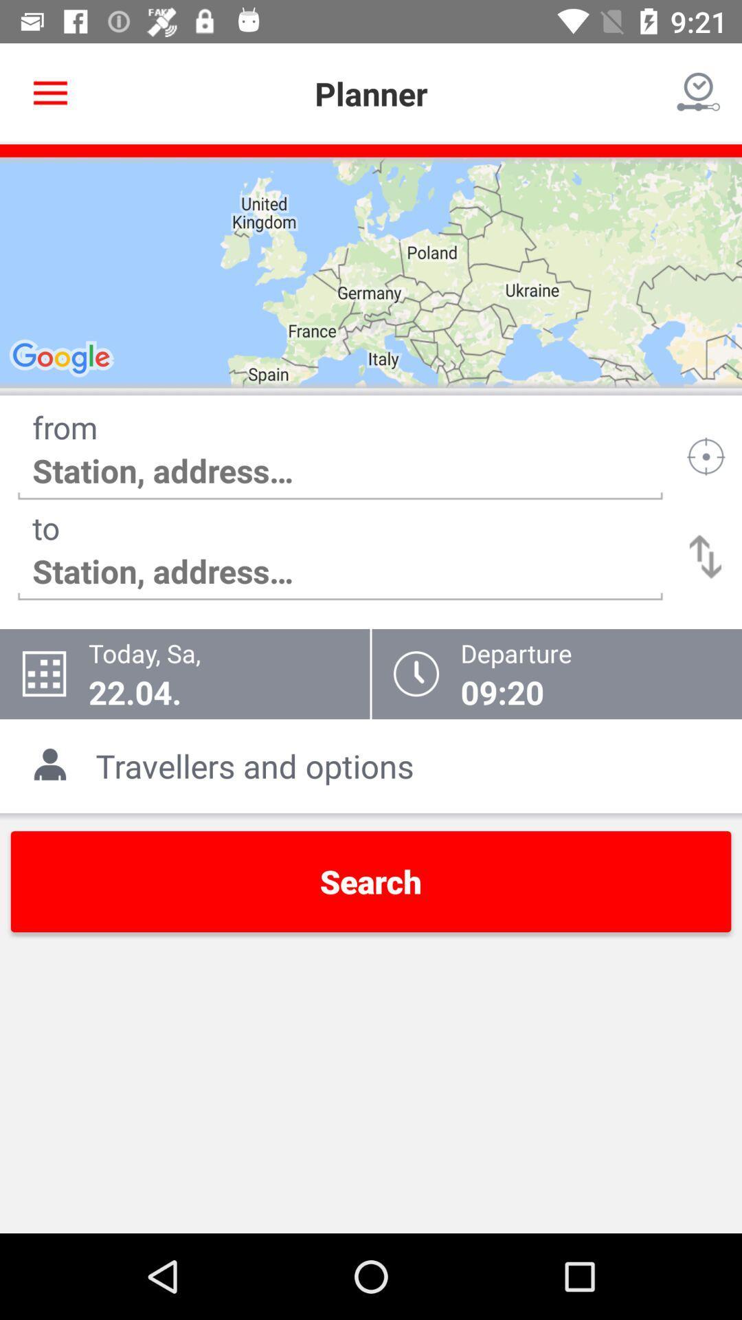 Image resolution: width=742 pixels, height=1320 pixels. What do you see at coordinates (699, 93) in the screenshot?
I see `item to the right of the planner icon` at bounding box center [699, 93].